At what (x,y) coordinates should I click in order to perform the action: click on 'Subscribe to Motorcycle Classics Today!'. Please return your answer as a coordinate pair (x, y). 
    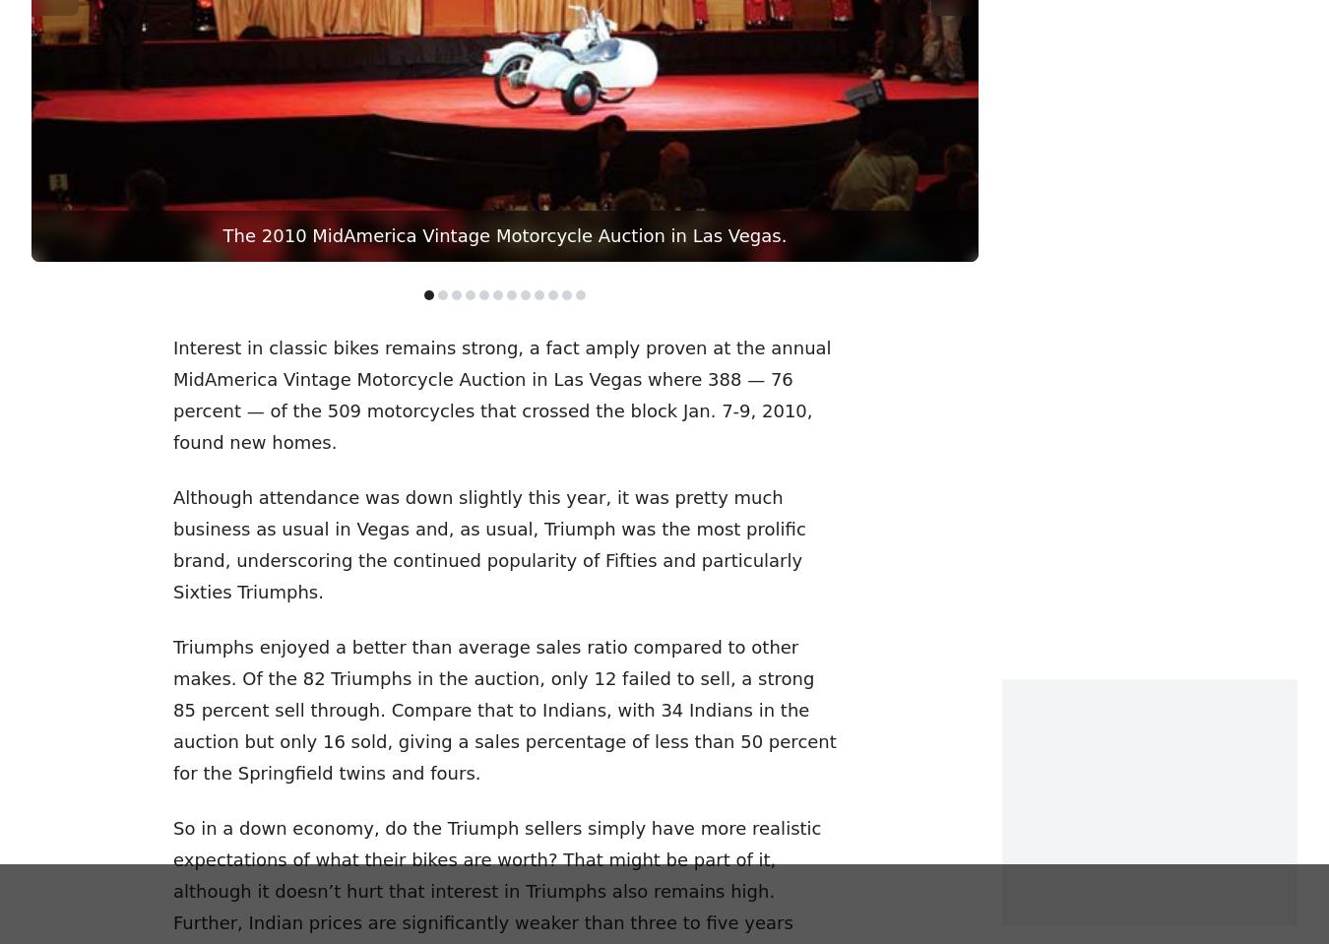
    Looking at the image, I should click on (664, 394).